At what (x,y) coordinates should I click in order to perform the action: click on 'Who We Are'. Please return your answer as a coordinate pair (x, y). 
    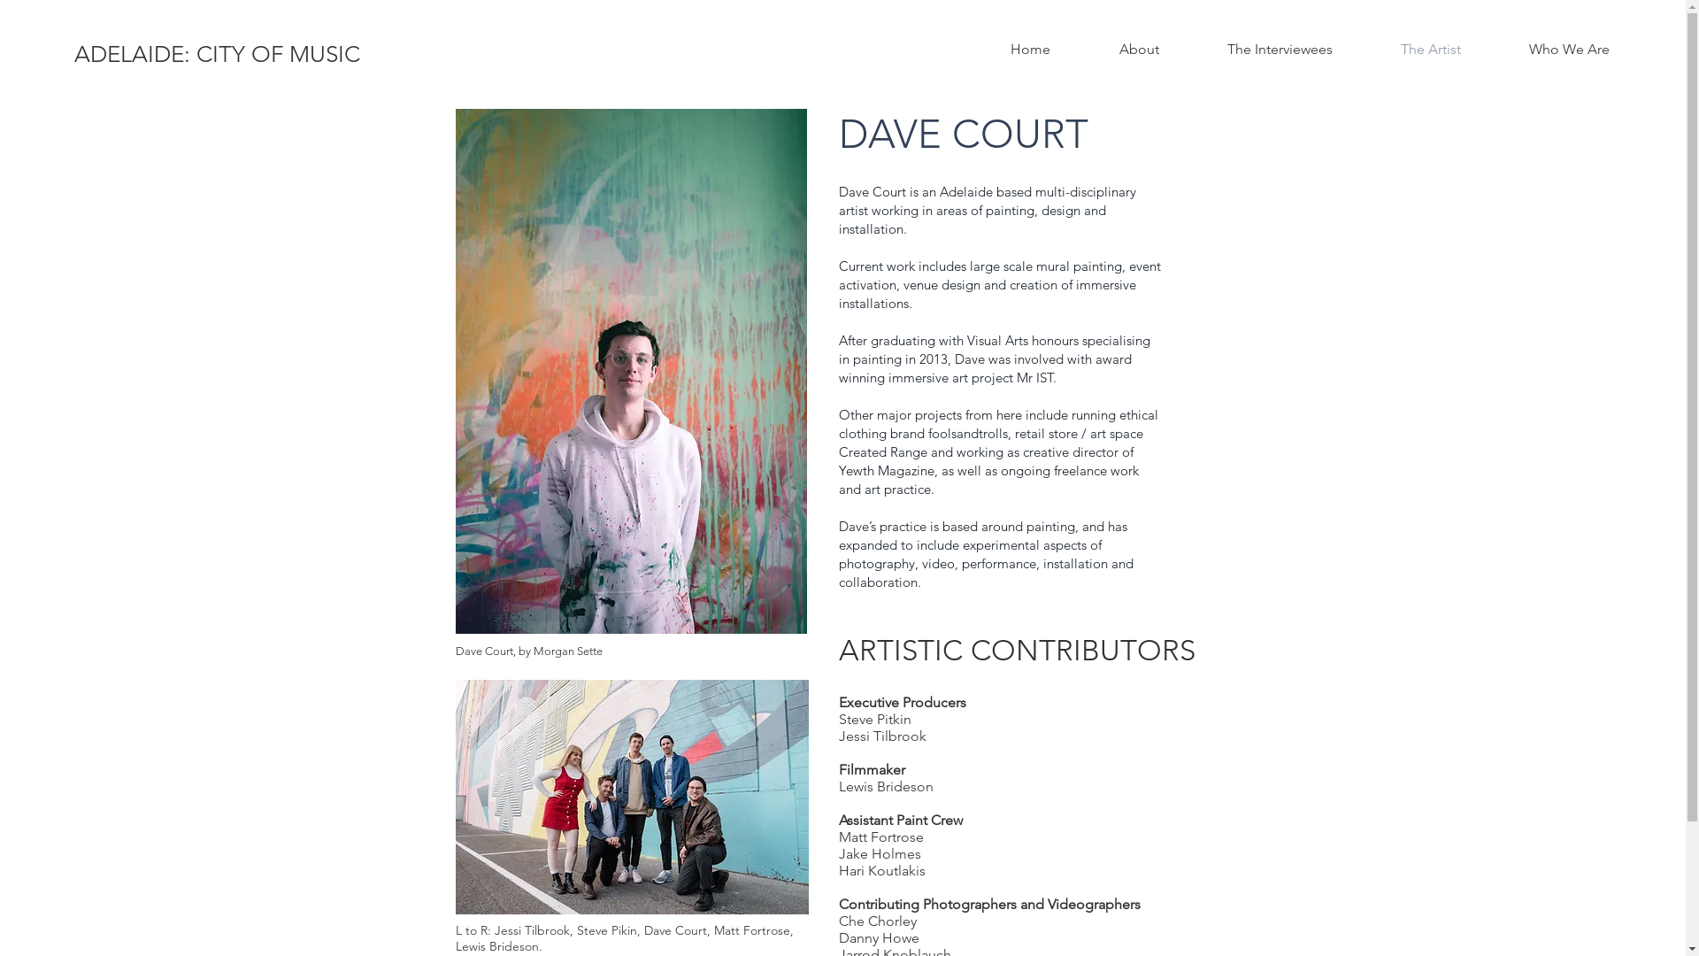
    Looking at the image, I should click on (1568, 49).